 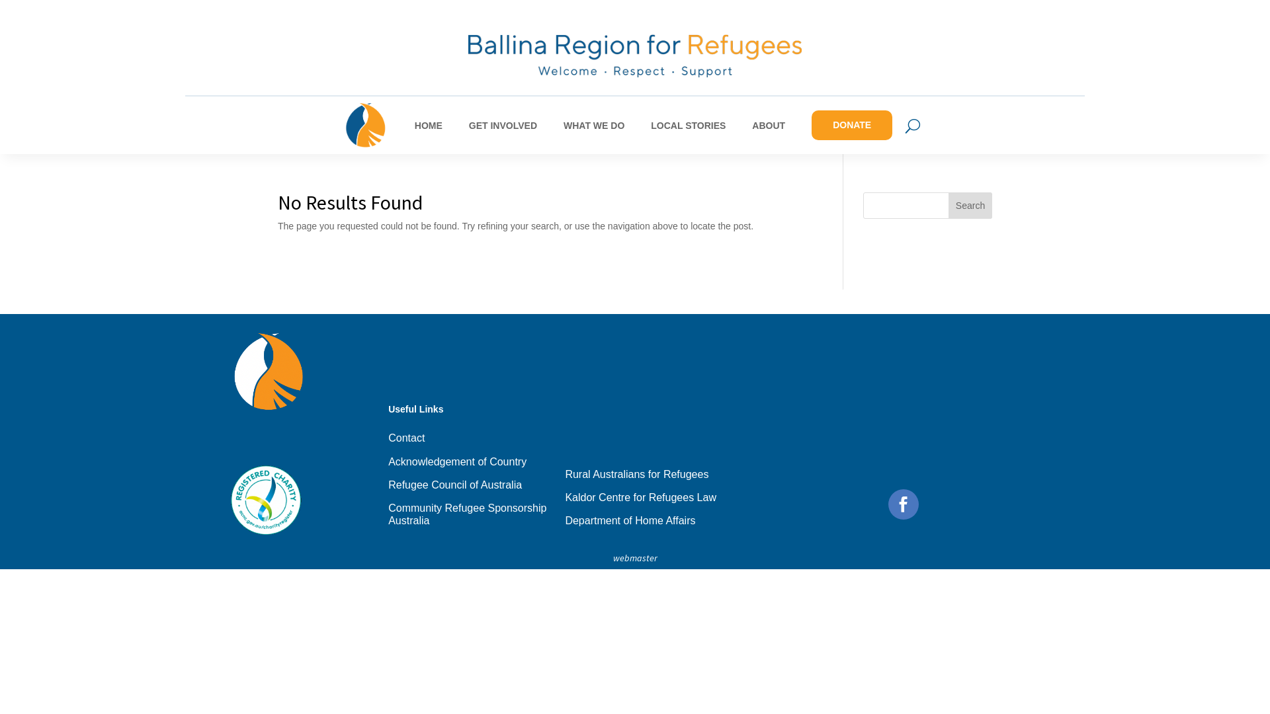 What do you see at coordinates (629, 522) in the screenshot?
I see `'Department of Home Affairs'` at bounding box center [629, 522].